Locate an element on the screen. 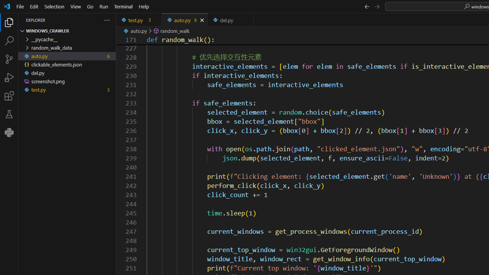 Image resolution: width=489 pixels, height=275 pixels. 'auto.py' is located at coordinates (185, 19).